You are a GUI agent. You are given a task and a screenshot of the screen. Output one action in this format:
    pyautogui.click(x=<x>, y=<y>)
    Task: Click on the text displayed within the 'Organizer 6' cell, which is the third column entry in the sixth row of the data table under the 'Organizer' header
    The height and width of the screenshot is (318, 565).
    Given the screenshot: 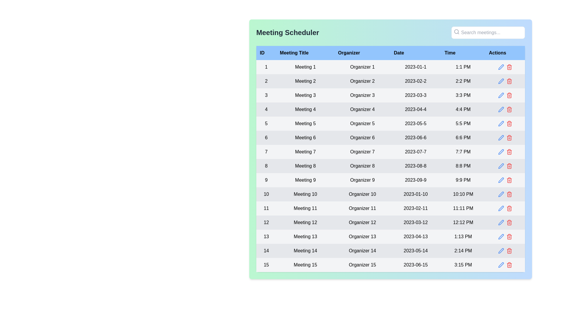 What is the action you would take?
    pyautogui.click(x=362, y=138)
    